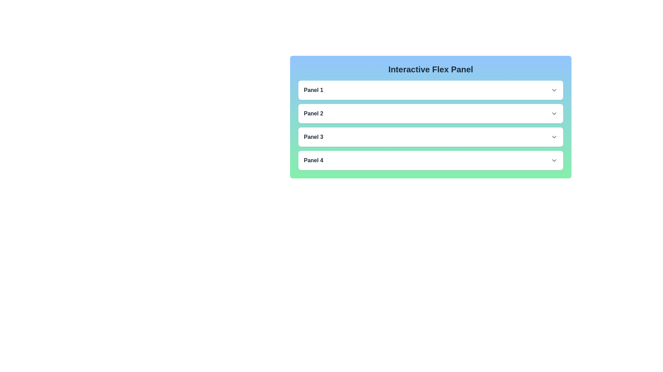  I want to click on text of the label displaying 'Panel 3', which is positioned in the third row of the list of panels, so click(313, 137).